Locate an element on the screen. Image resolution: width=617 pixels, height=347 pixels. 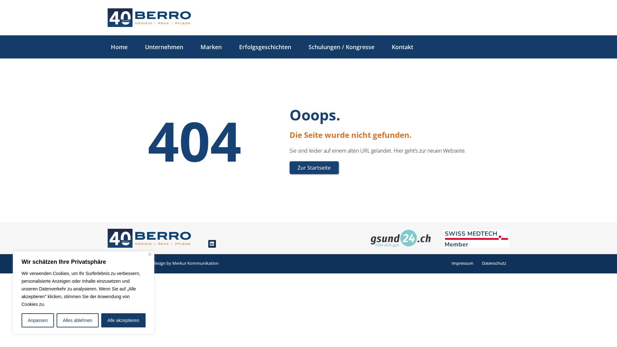
'Schulungen / Kongresse' is located at coordinates (302, 47).